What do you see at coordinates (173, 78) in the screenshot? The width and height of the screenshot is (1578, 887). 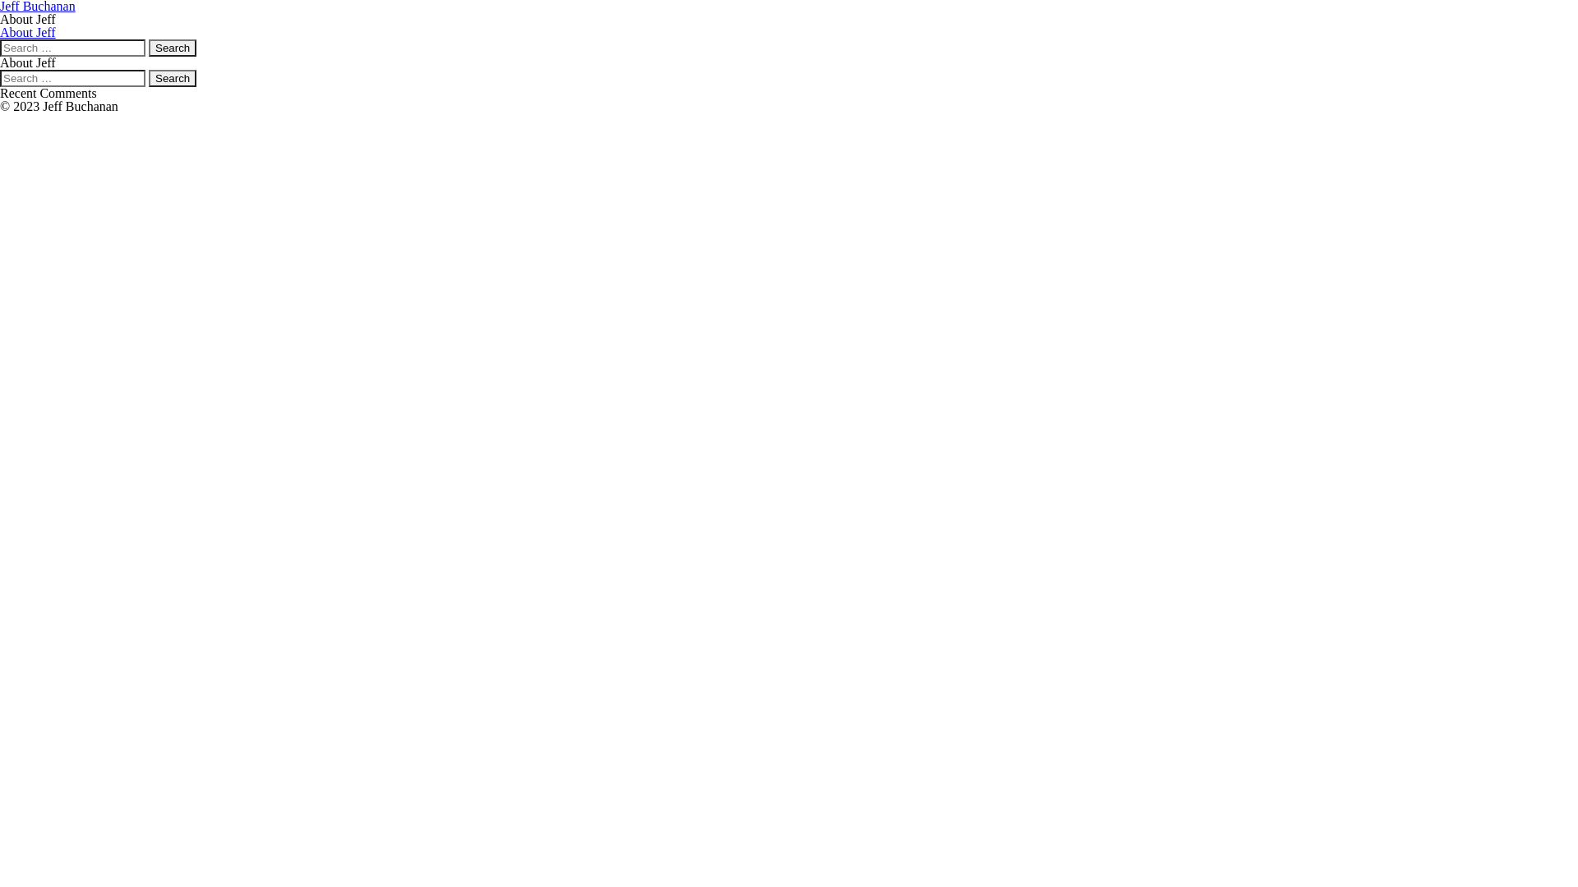 I see `'Search'` at bounding box center [173, 78].